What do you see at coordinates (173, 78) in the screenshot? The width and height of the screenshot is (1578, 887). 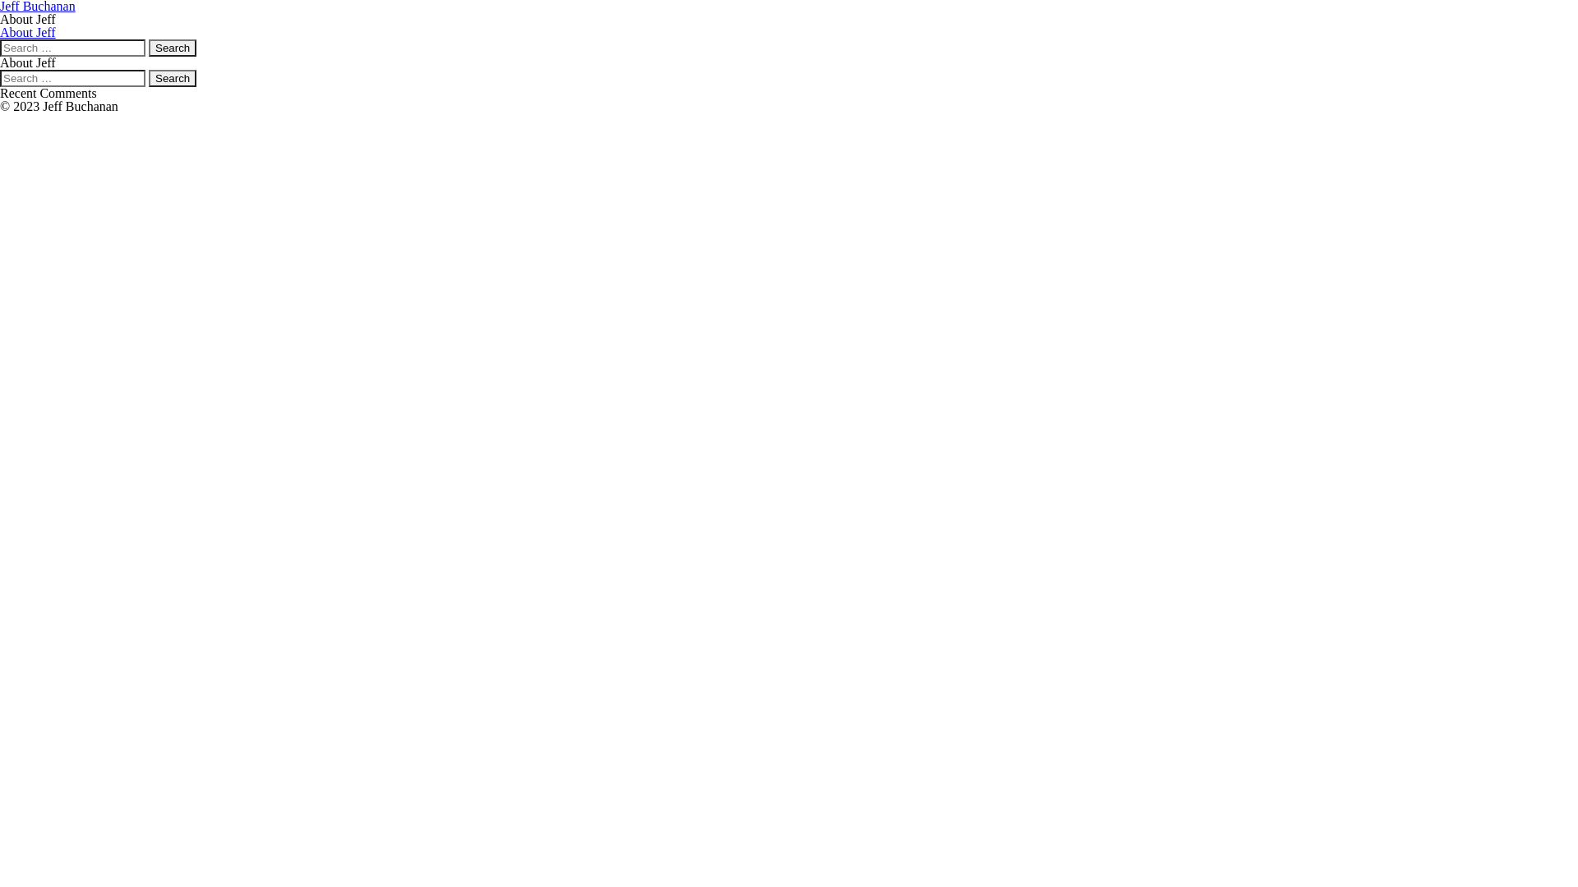 I see `'Search'` at bounding box center [173, 78].